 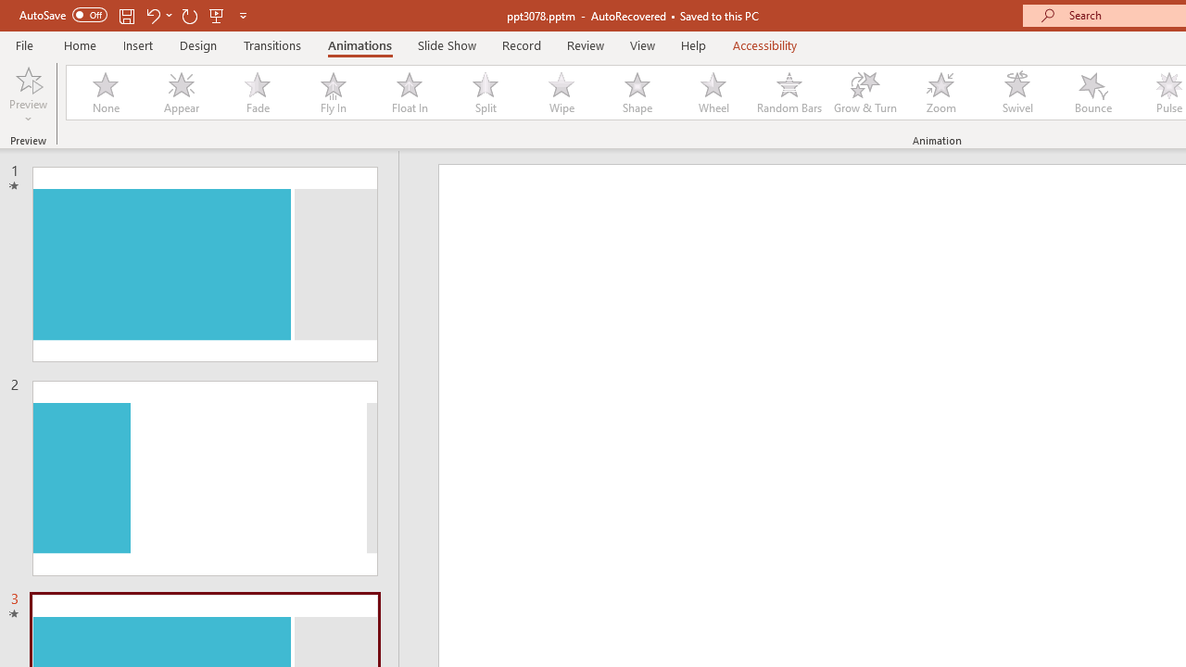 What do you see at coordinates (713, 93) in the screenshot?
I see `'Wheel'` at bounding box center [713, 93].